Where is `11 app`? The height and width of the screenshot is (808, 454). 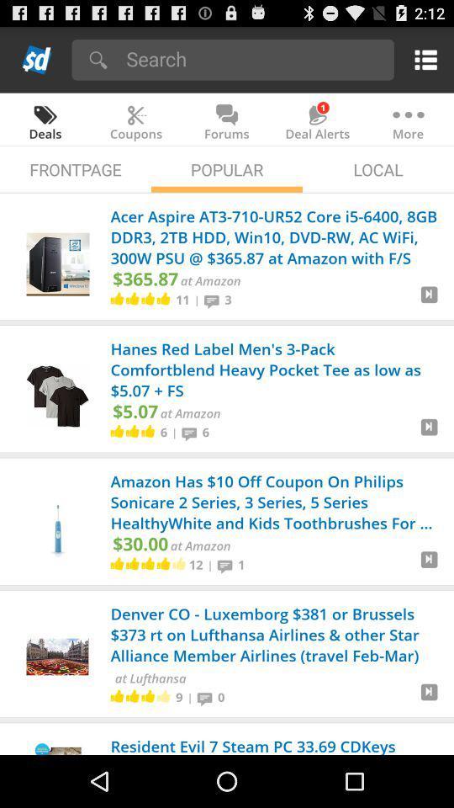
11 app is located at coordinates (182, 299).